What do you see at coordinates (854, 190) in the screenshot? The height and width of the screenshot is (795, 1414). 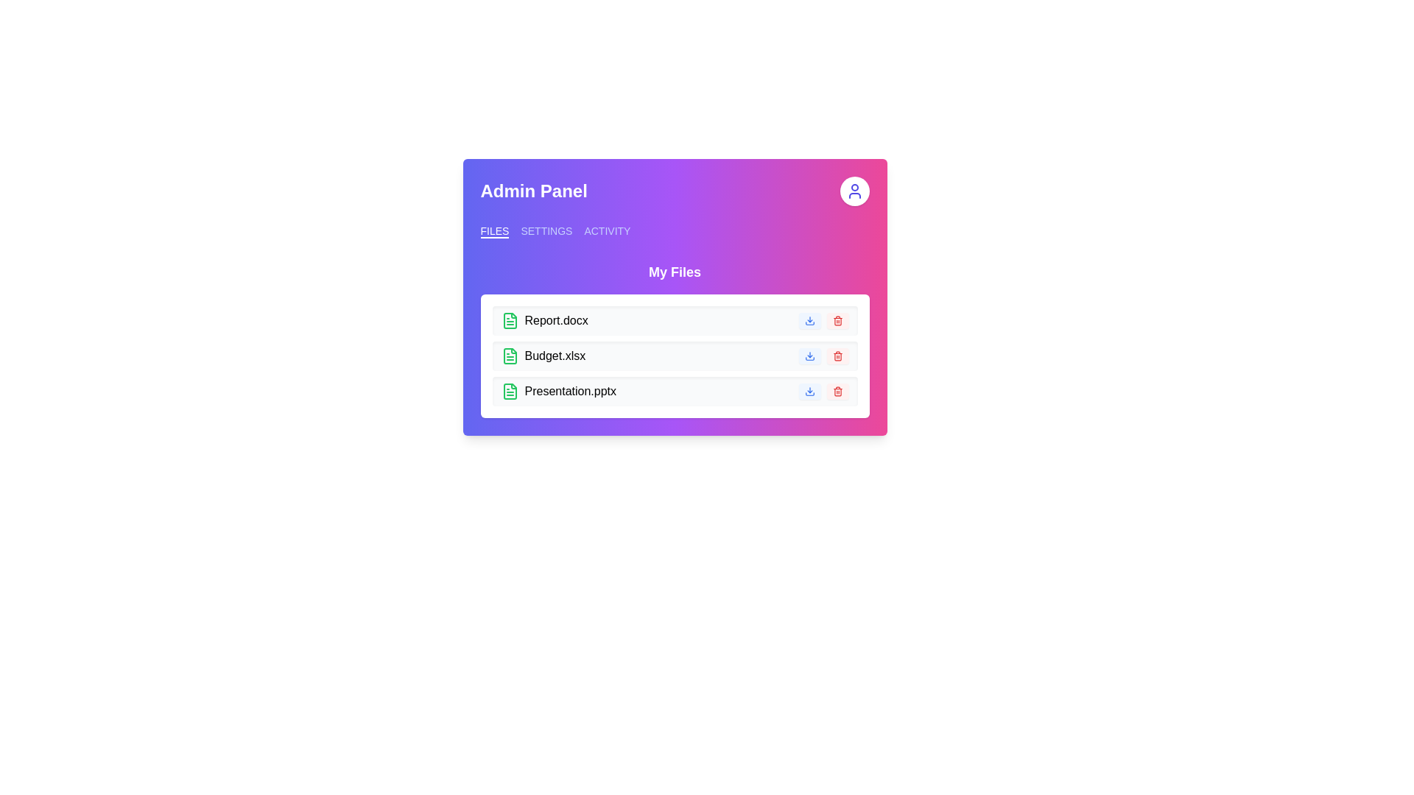 I see `the button in the top-right corner of the 'Admin Panel'` at bounding box center [854, 190].